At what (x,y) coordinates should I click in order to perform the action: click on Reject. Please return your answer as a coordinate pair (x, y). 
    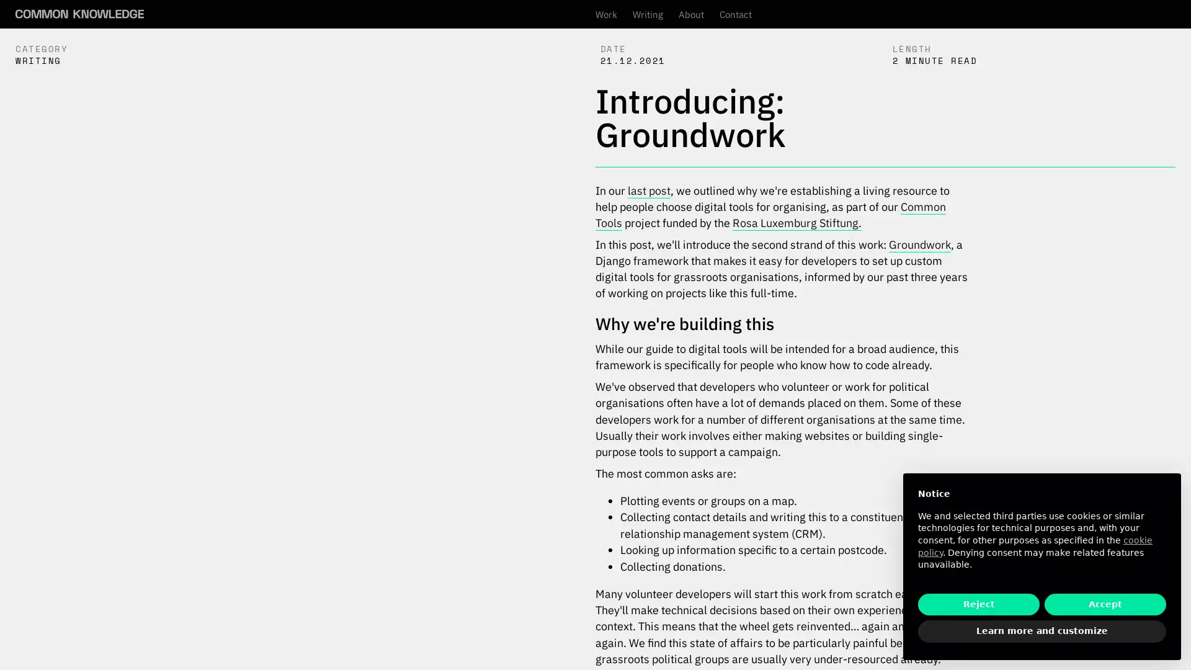
    Looking at the image, I should click on (978, 604).